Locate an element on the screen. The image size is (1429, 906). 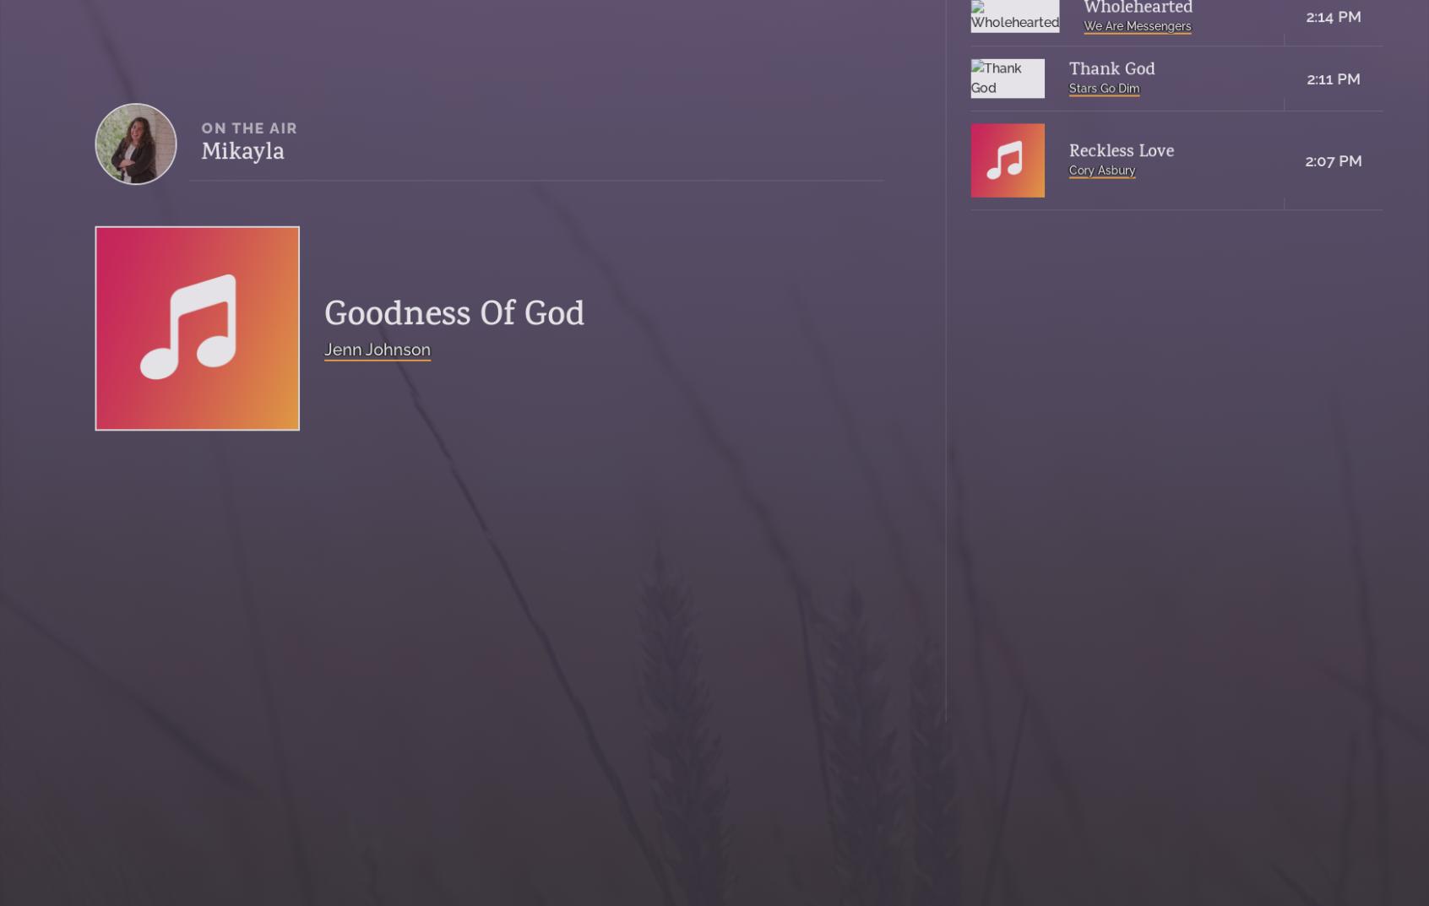
'EEO Public File Report' is located at coordinates (475, 719).